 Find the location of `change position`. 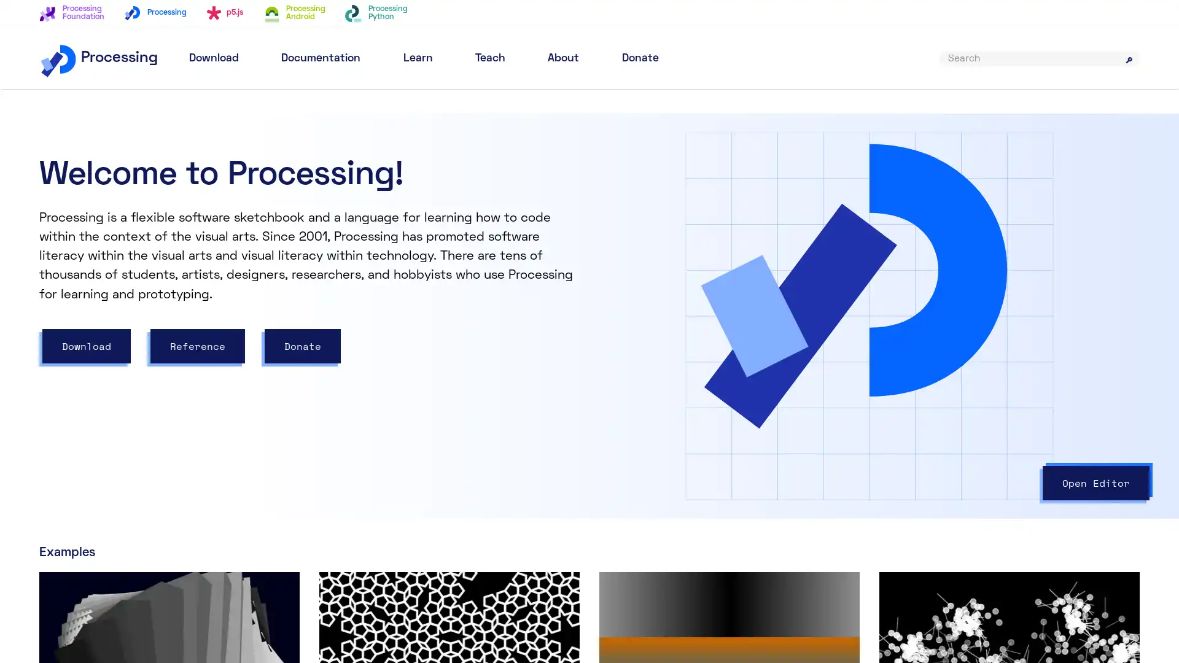

change position is located at coordinates (666, 336).